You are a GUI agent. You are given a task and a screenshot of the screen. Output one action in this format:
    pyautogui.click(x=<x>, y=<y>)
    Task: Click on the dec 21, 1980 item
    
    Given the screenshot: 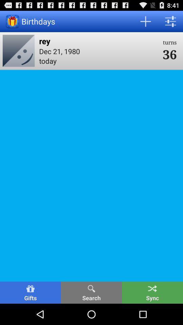 What is the action you would take?
    pyautogui.click(x=98, y=51)
    